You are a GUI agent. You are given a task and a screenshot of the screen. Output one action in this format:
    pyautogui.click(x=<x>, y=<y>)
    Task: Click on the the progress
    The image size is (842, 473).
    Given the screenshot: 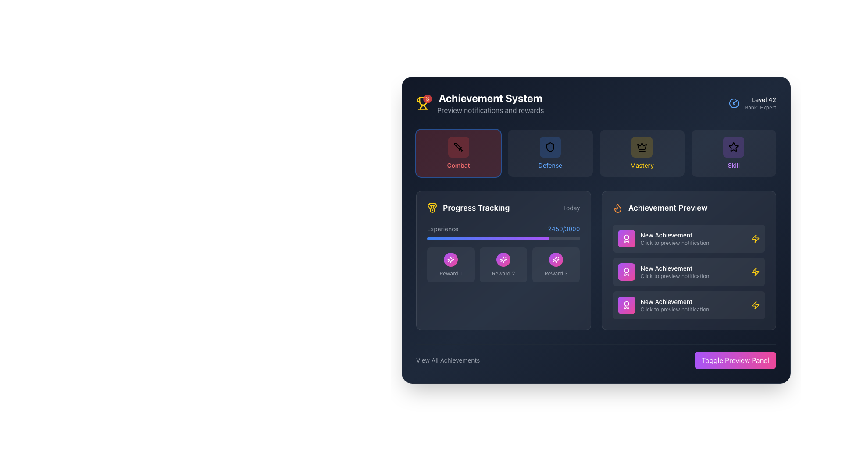 What is the action you would take?
    pyautogui.click(x=511, y=238)
    